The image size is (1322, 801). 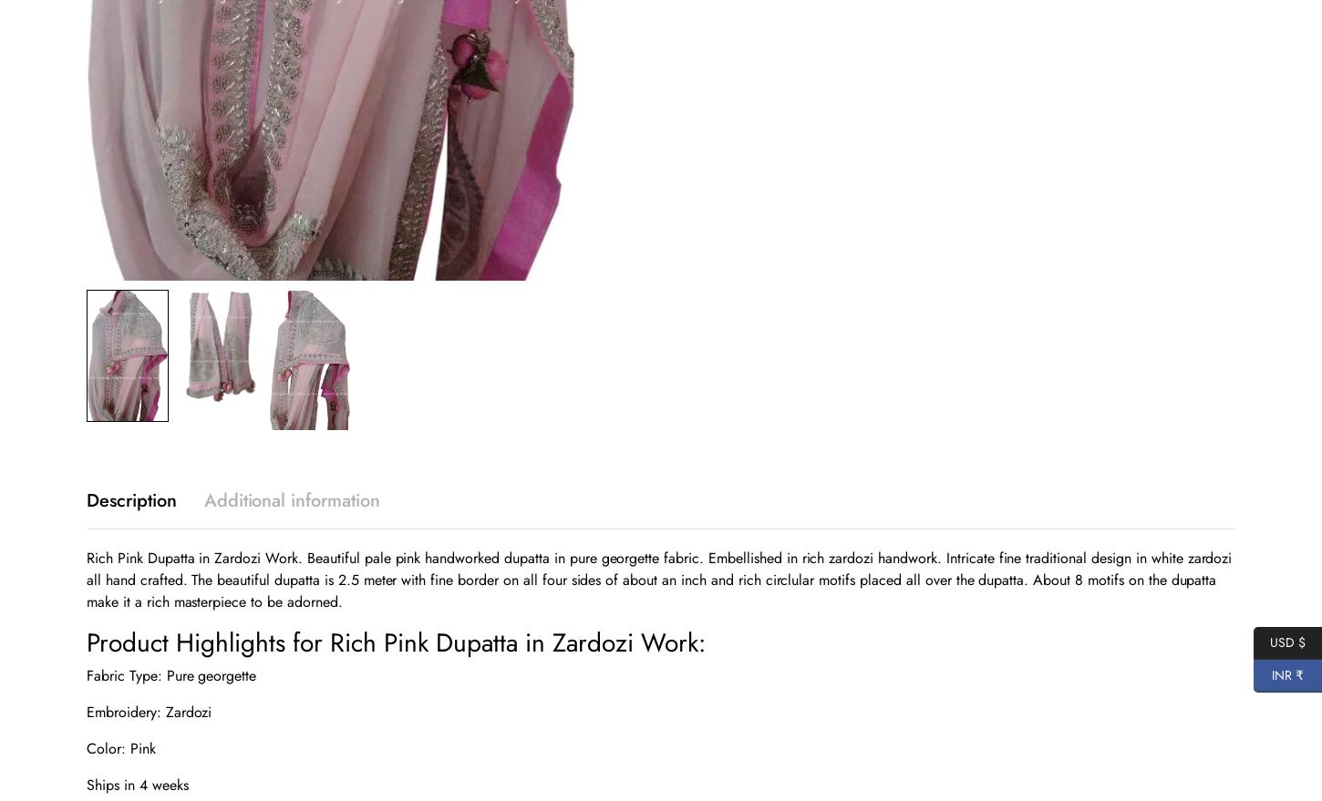 I want to click on 'Copy Link', so click(x=526, y=48).